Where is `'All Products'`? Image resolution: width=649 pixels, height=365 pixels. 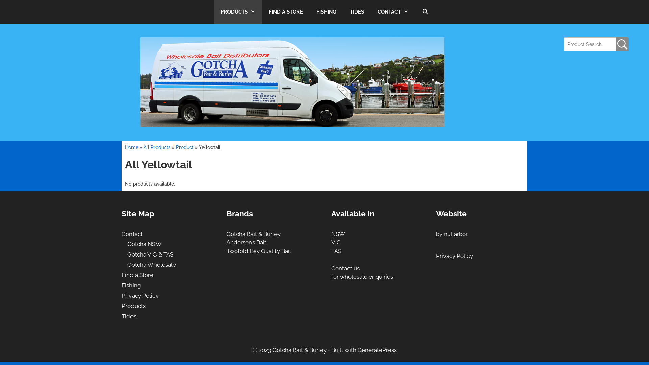 'All Products' is located at coordinates (143, 147).